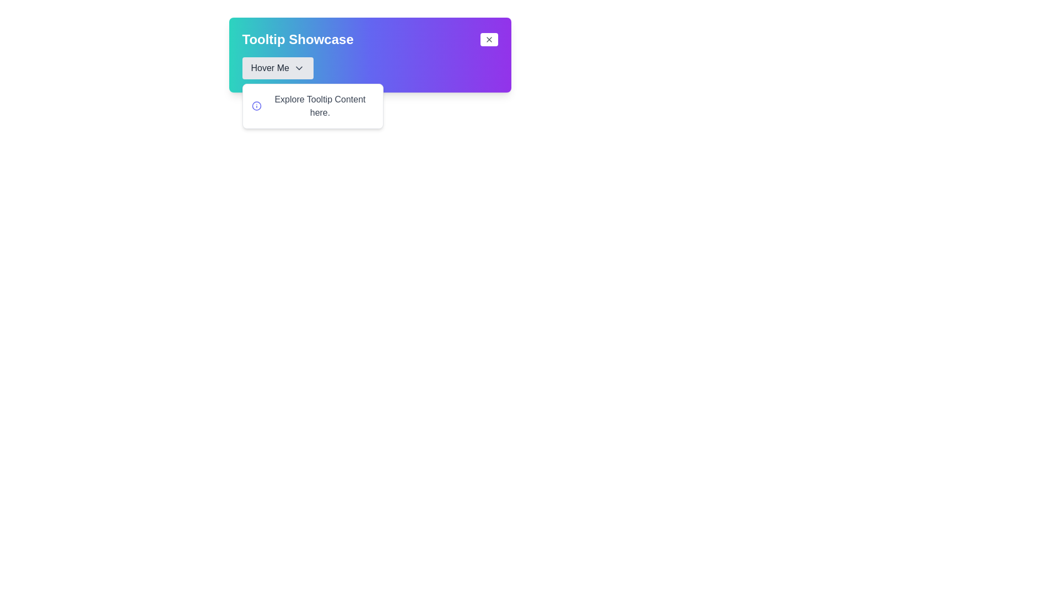 This screenshot has height=595, width=1058. I want to click on the informational icon located before the label 'Explore Tooltip Content here', so click(256, 106).